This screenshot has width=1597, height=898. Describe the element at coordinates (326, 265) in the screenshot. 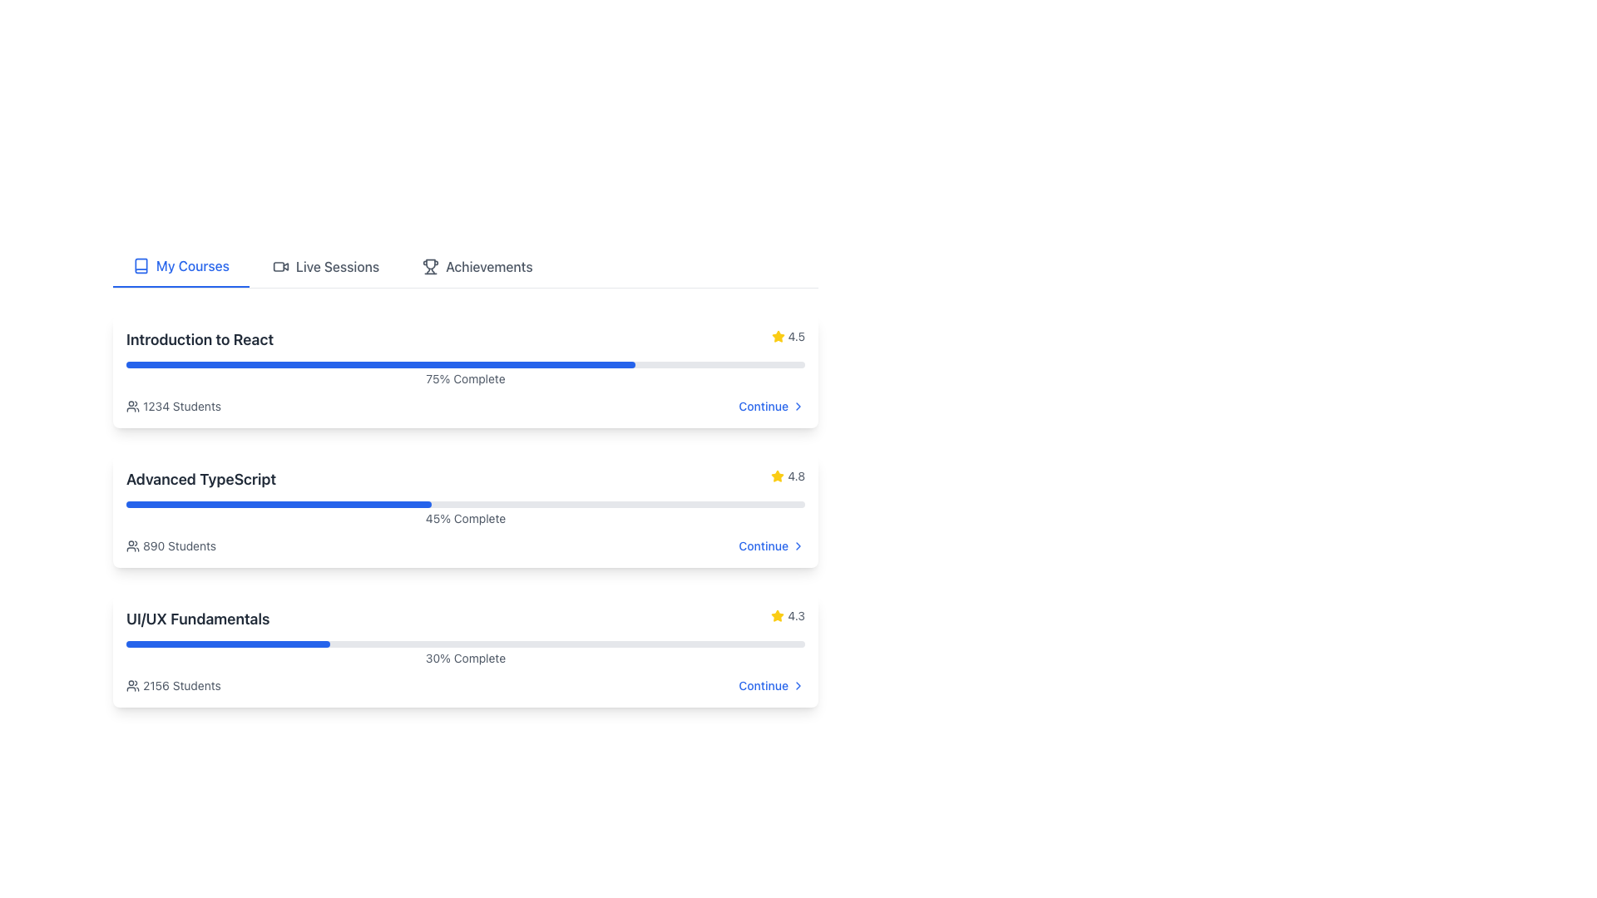

I see `the 'Live Sessions' tab in the Navigation Tab to change its text color to blue` at that location.